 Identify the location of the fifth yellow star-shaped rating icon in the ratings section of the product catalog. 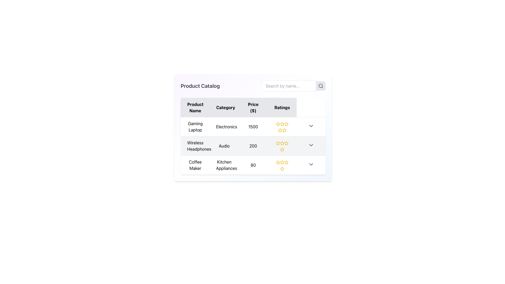
(286, 124).